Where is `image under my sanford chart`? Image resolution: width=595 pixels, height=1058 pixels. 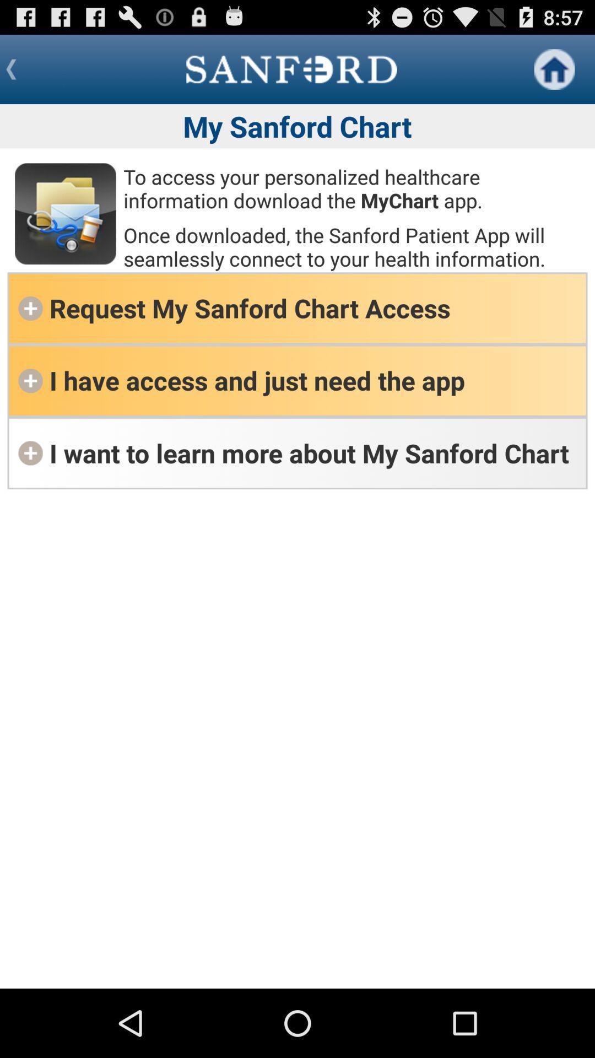 image under my sanford chart is located at coordinates (66, 214).